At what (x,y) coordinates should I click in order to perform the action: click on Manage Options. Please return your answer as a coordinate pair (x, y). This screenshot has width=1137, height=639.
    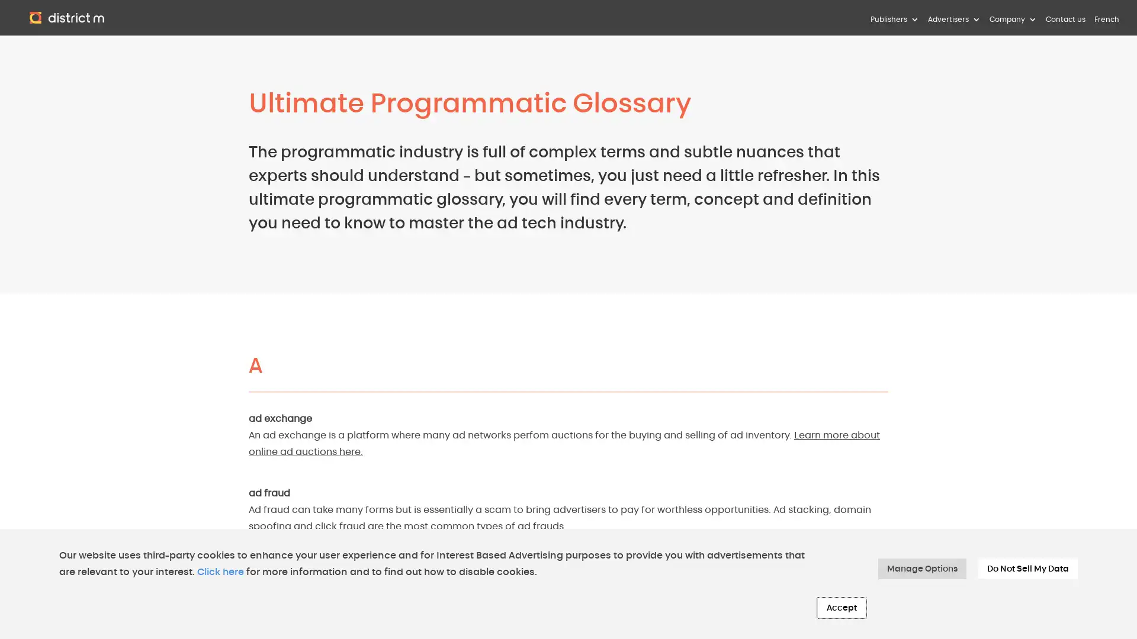
    Looking at the image, I should click on (921, 568).